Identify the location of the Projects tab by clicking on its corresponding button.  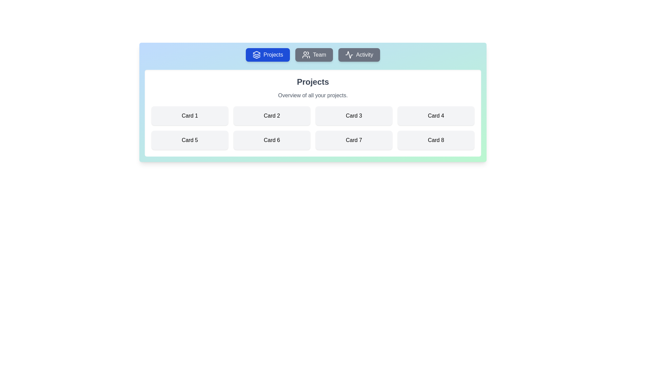
(268, 55).